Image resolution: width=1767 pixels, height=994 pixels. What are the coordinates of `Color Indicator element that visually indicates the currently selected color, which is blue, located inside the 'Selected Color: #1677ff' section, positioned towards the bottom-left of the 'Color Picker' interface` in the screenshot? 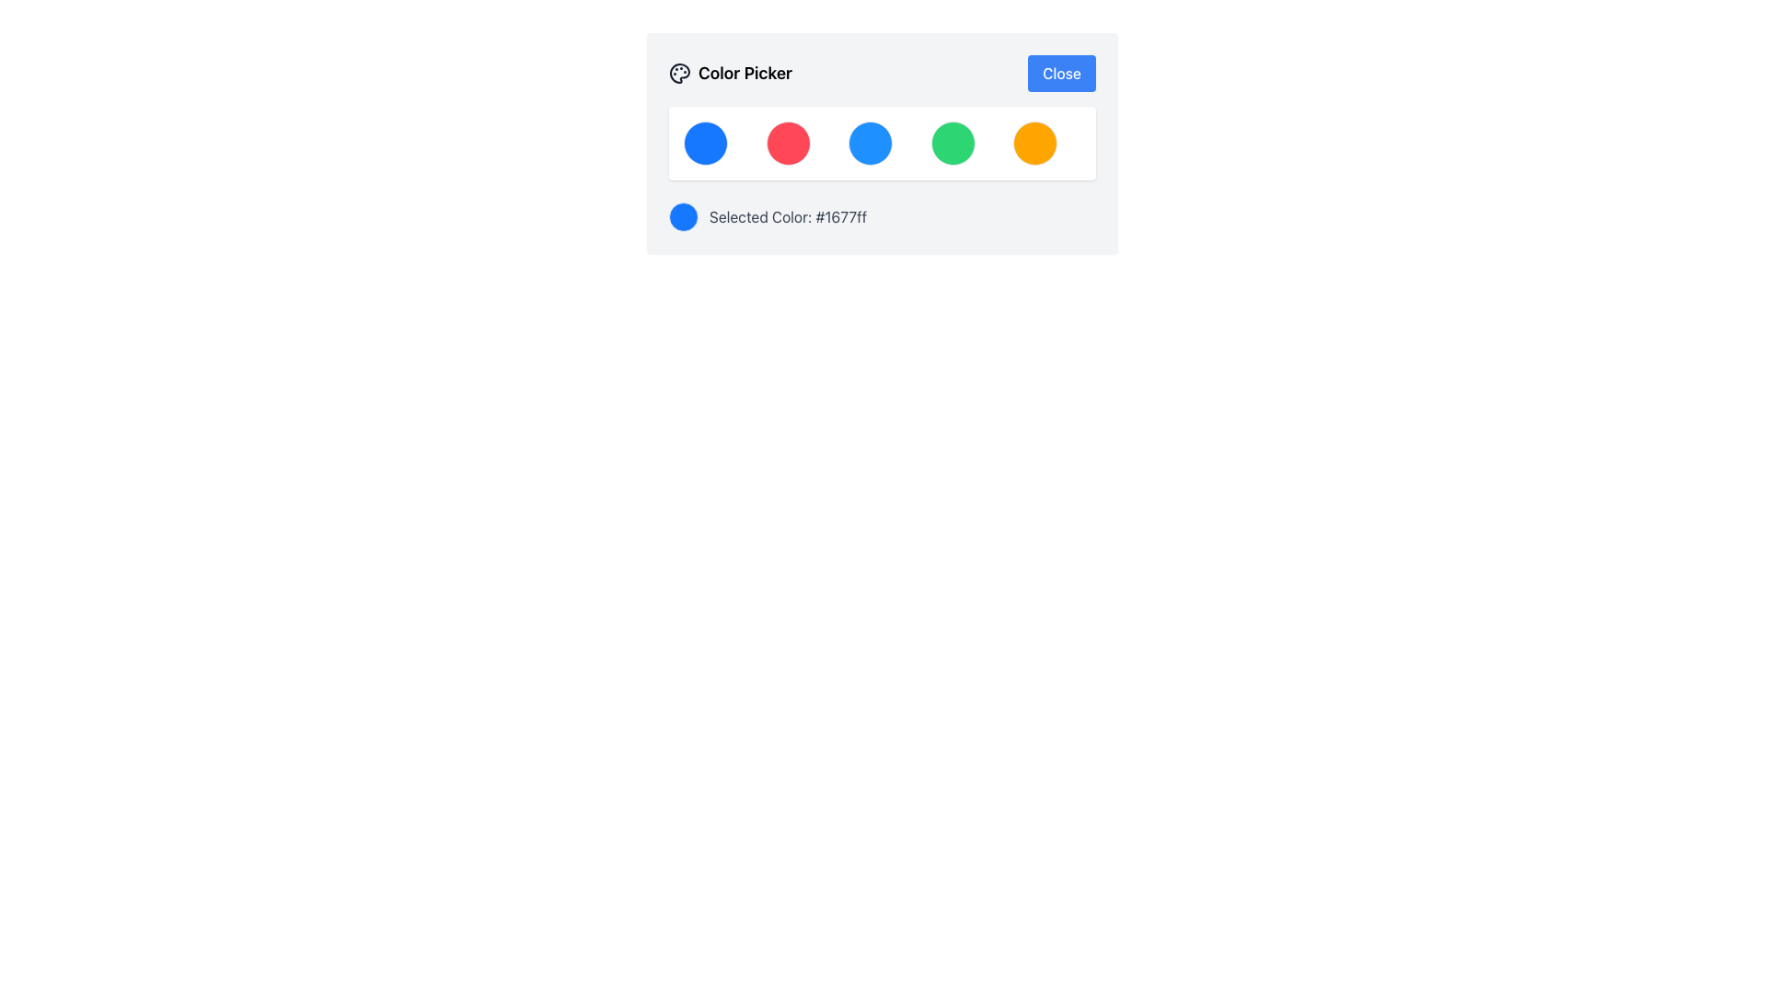 It's located at (683, 215).